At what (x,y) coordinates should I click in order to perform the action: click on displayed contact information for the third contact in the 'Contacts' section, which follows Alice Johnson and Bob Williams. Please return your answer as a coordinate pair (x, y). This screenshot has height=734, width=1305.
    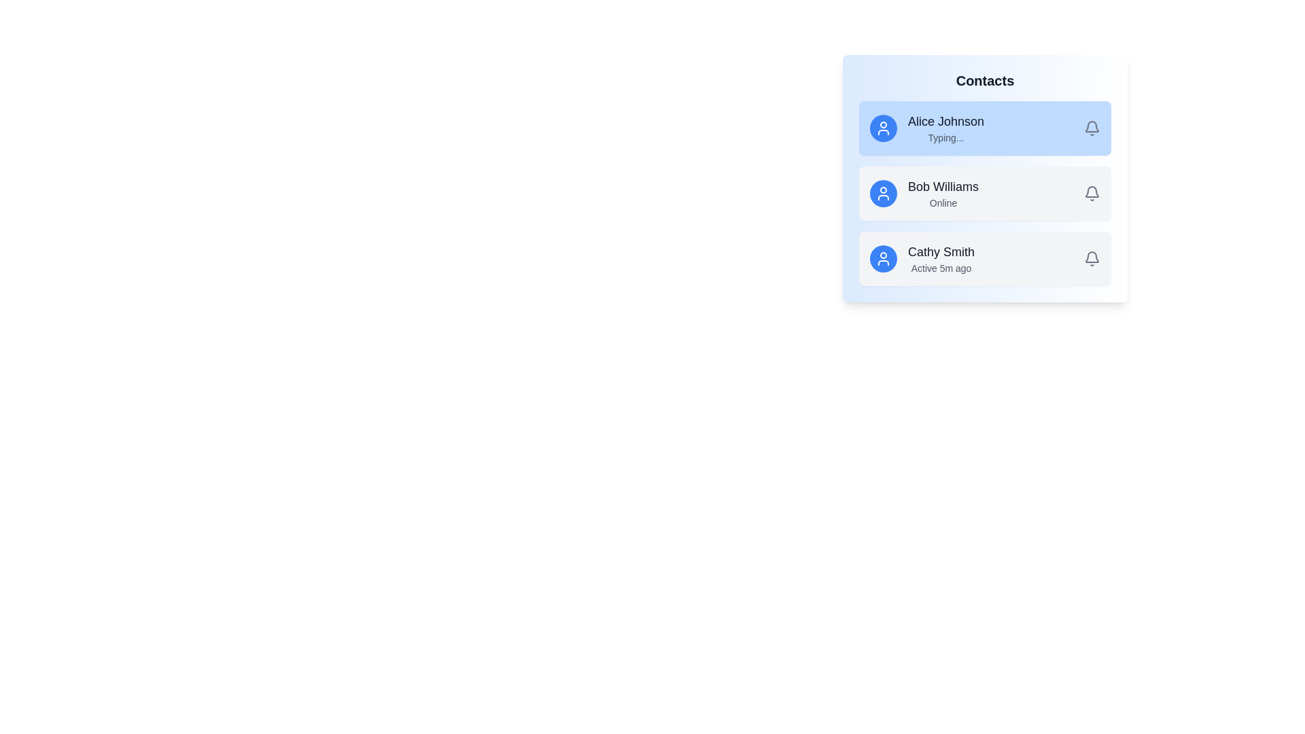
    Looking at the image, I should click on (941, 259).